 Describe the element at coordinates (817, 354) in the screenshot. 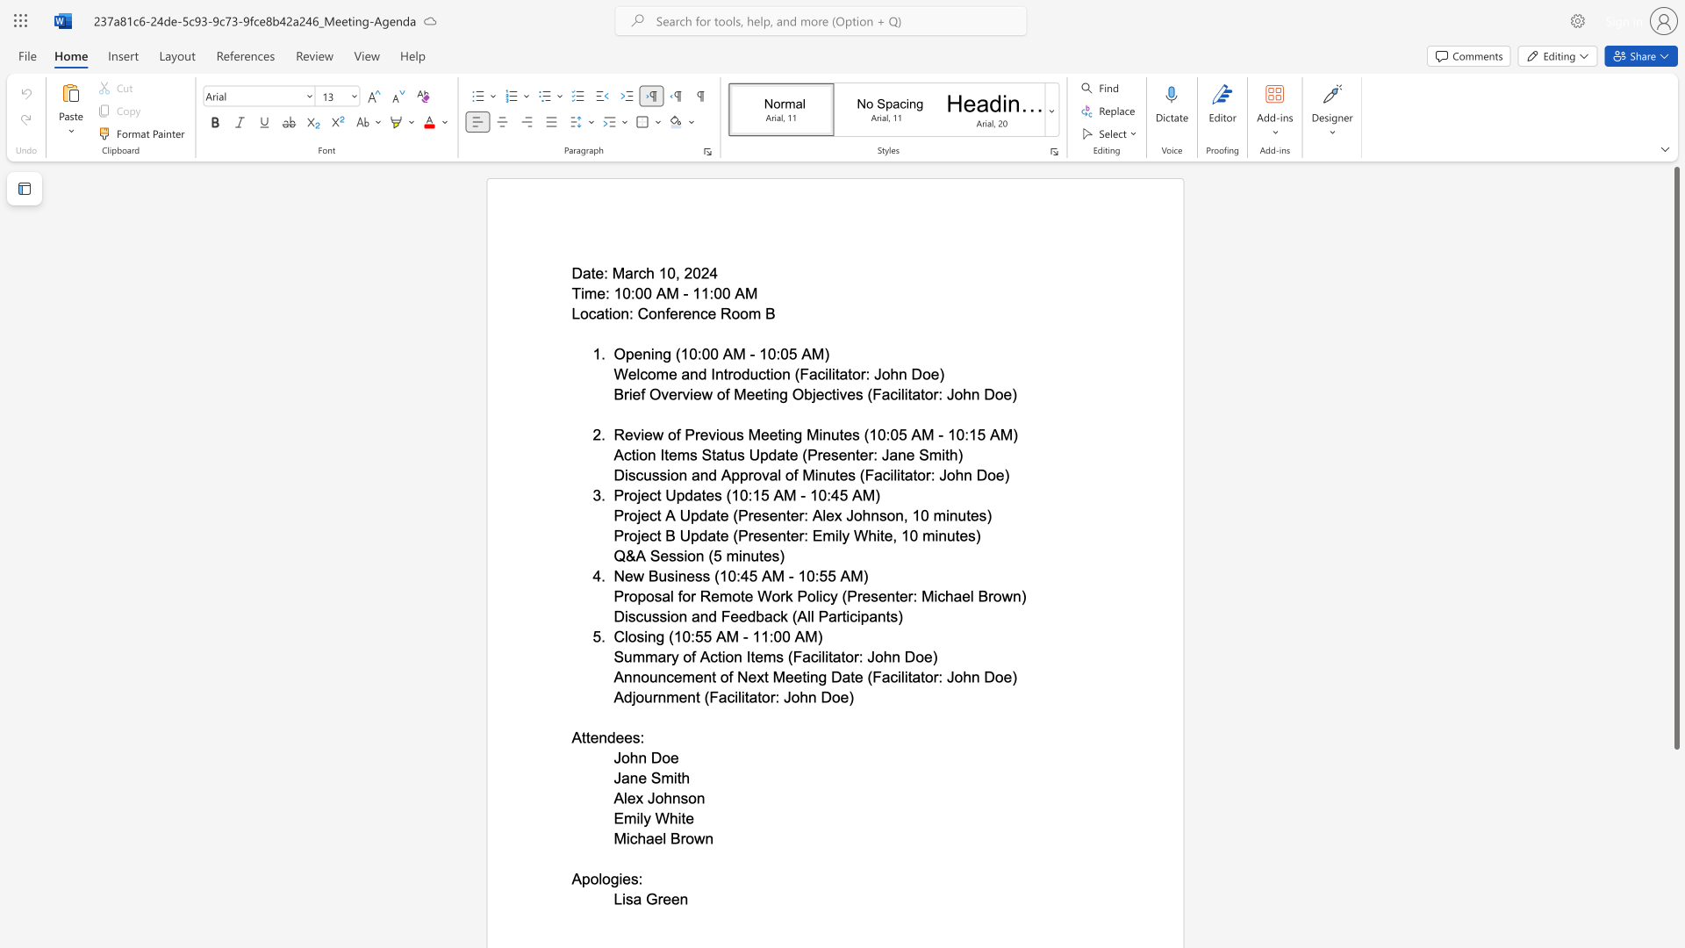

I see `the 2th character "M" in the text` at that location.